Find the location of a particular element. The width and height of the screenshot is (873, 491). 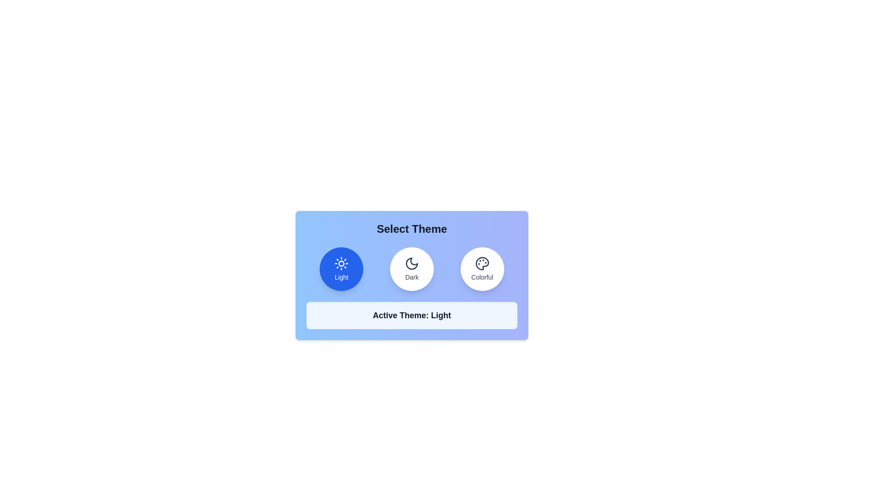

the theme button for Colorful is located at coordinates (482, 268).